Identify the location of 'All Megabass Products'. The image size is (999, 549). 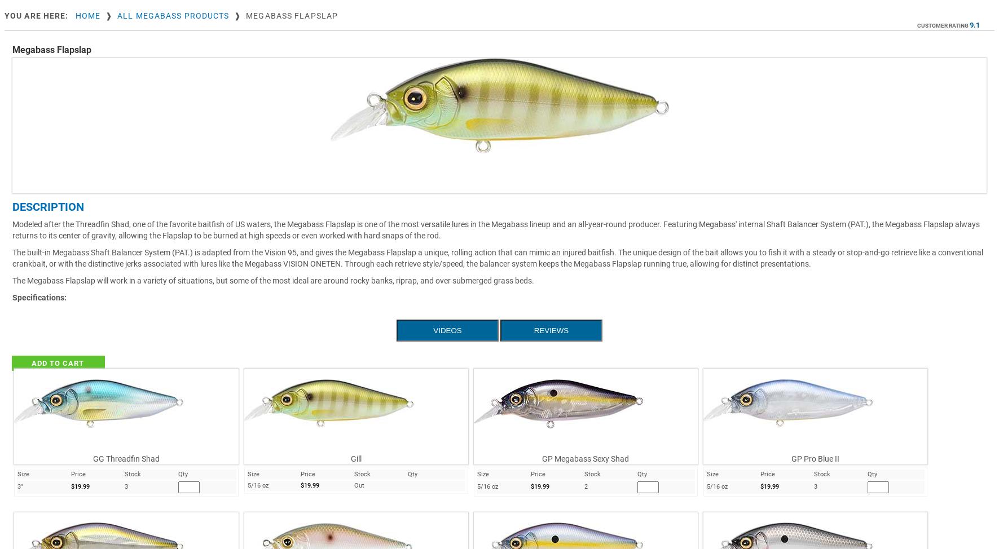
(172, 15).